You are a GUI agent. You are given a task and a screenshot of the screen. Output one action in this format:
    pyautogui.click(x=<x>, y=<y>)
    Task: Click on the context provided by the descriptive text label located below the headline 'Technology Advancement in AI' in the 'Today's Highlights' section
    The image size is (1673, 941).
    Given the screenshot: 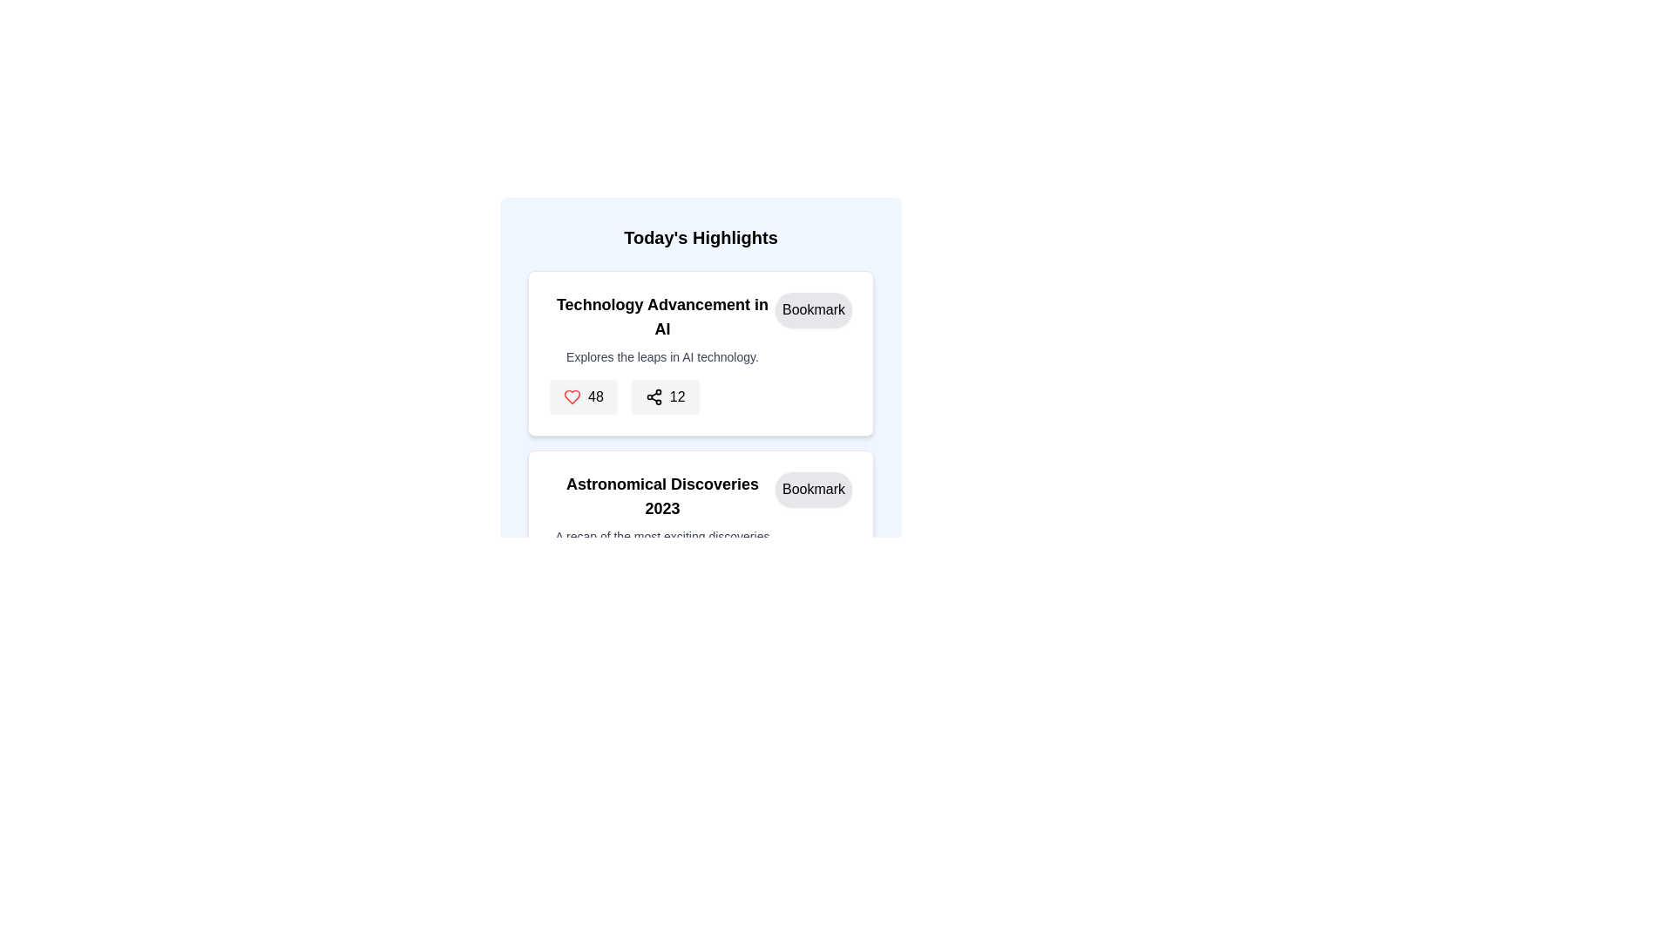 What is the action you would take?
    pyautogui.click(x=661, y=355)
    